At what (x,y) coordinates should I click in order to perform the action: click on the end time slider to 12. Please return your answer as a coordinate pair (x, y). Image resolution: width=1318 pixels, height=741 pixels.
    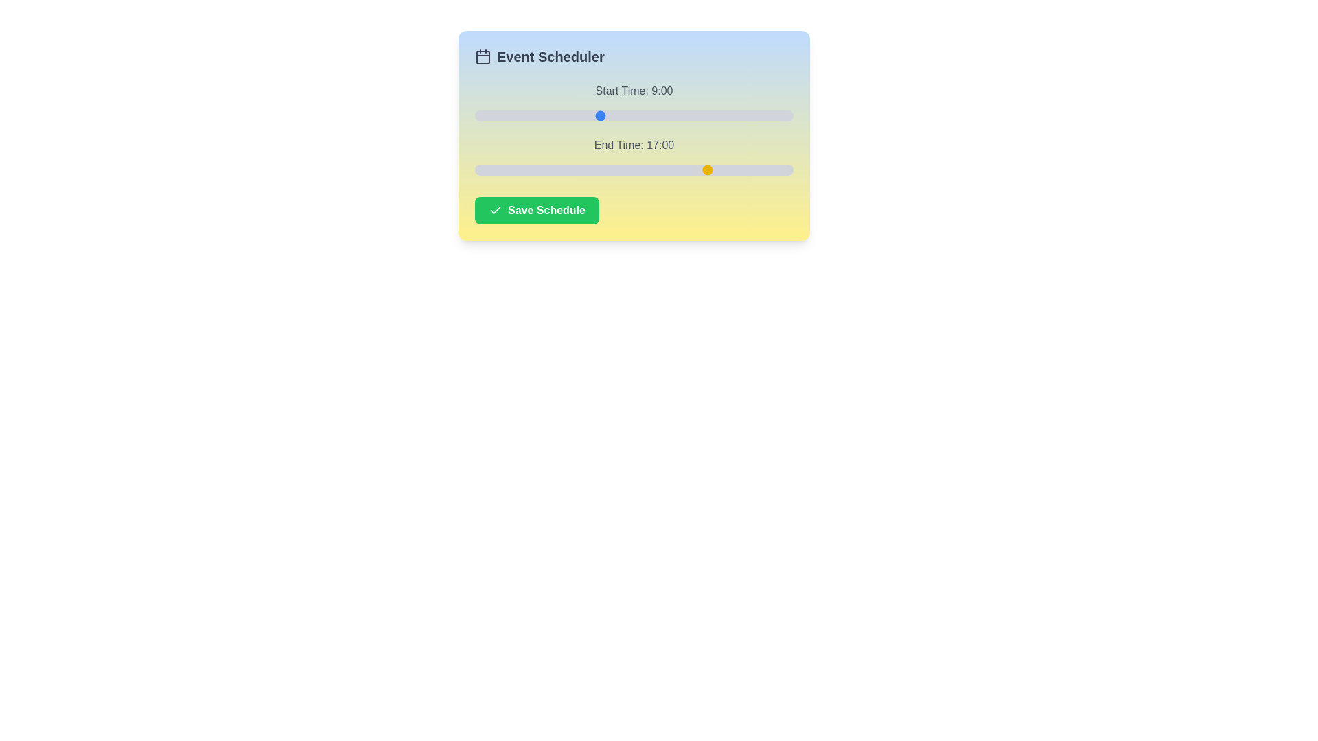
    Looking at the image, I should click on (640, 169).